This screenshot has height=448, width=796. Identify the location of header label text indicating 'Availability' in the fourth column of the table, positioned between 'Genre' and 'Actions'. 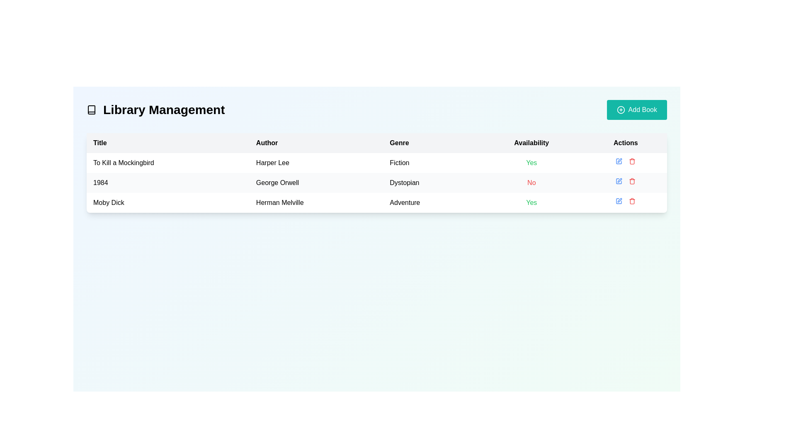
(531, 142).